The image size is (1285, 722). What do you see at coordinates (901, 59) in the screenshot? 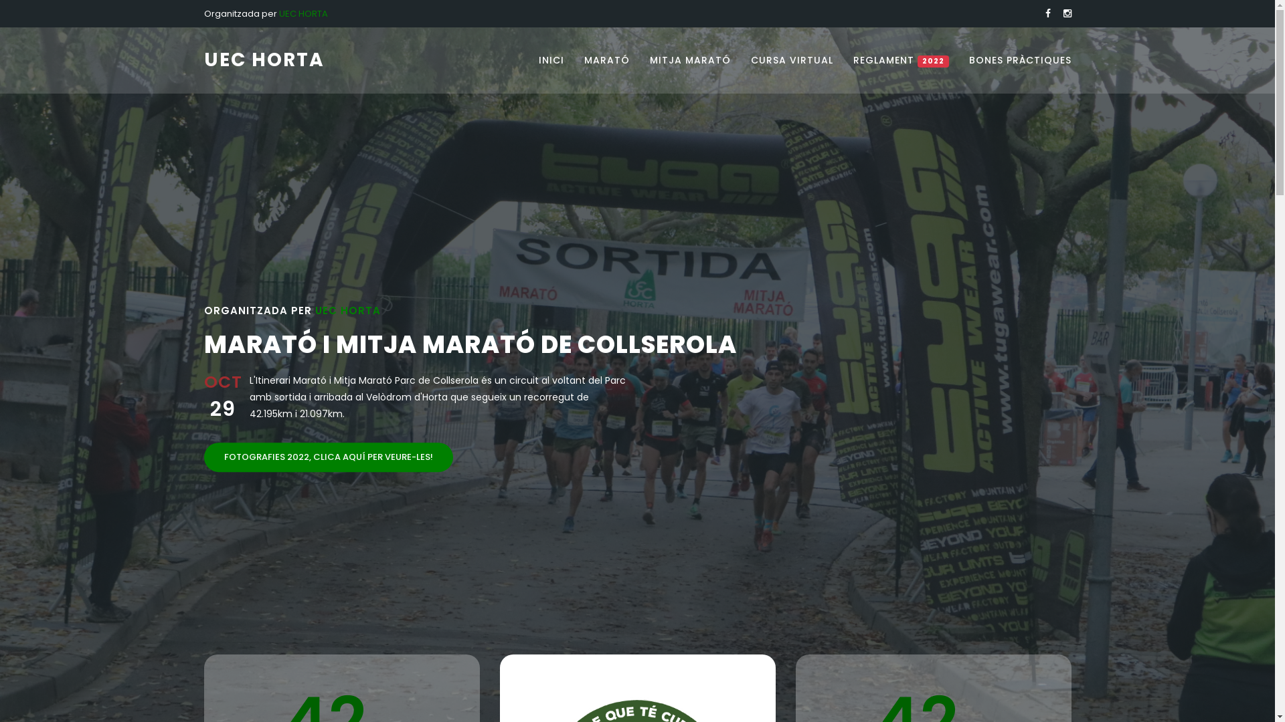
I see `'REGLAMENT 2022'` at bounding box center [901, 59].